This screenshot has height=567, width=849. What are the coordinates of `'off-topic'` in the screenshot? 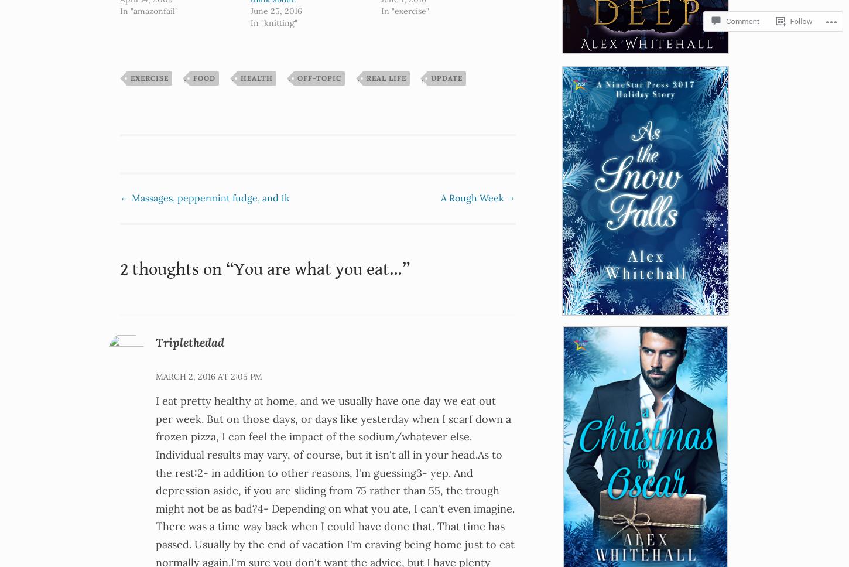 It's located at (319, 77).